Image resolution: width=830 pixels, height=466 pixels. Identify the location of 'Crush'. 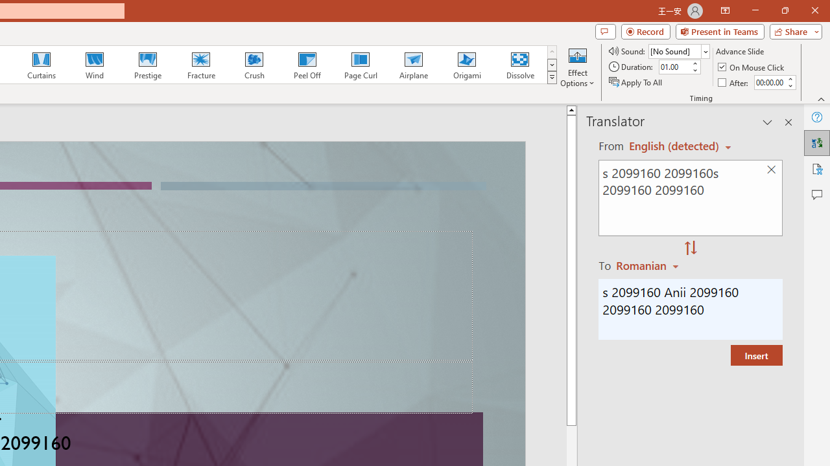
(254, 65).